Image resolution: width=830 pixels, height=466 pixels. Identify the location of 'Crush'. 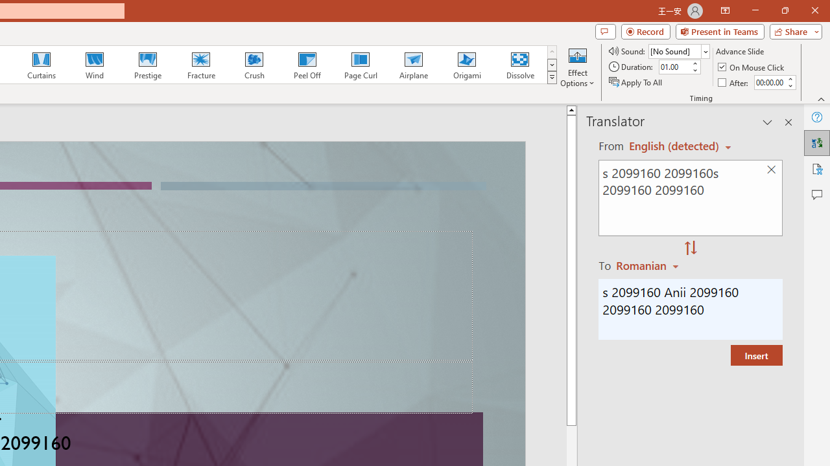
(254, 65).